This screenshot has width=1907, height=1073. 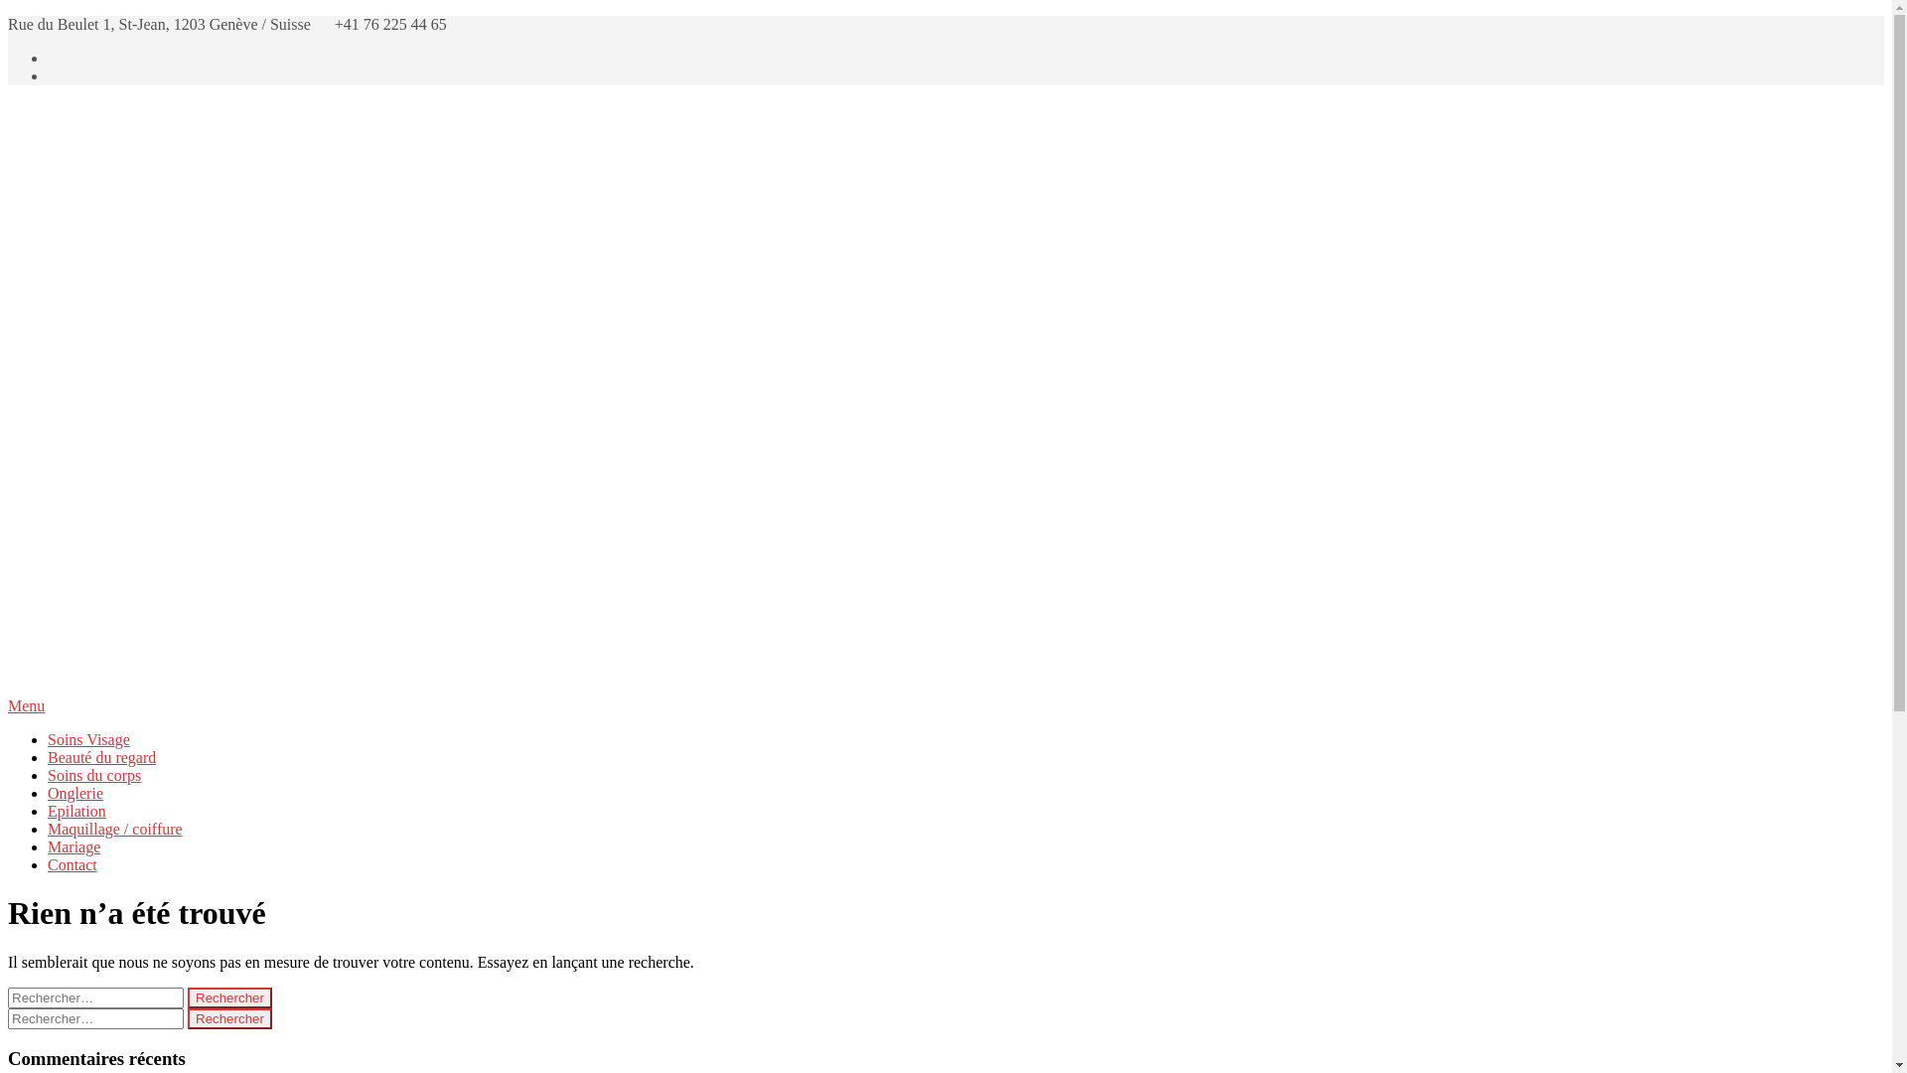 I want to click on 'Rechercher', so click(x=229, y=997).